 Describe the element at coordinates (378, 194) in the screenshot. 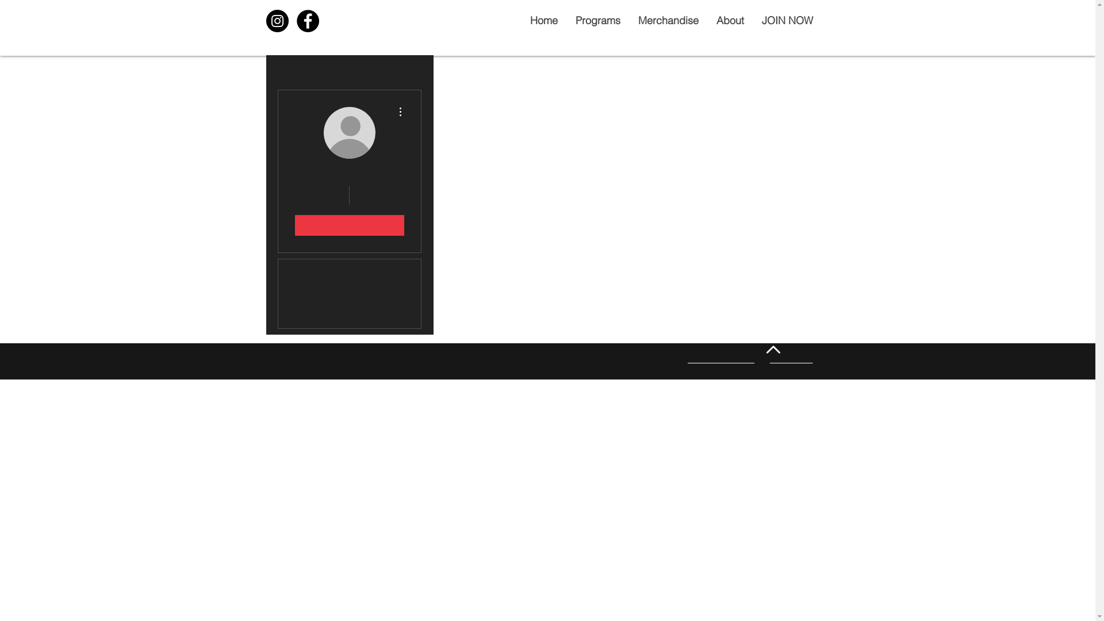

I see `'0` at that location.